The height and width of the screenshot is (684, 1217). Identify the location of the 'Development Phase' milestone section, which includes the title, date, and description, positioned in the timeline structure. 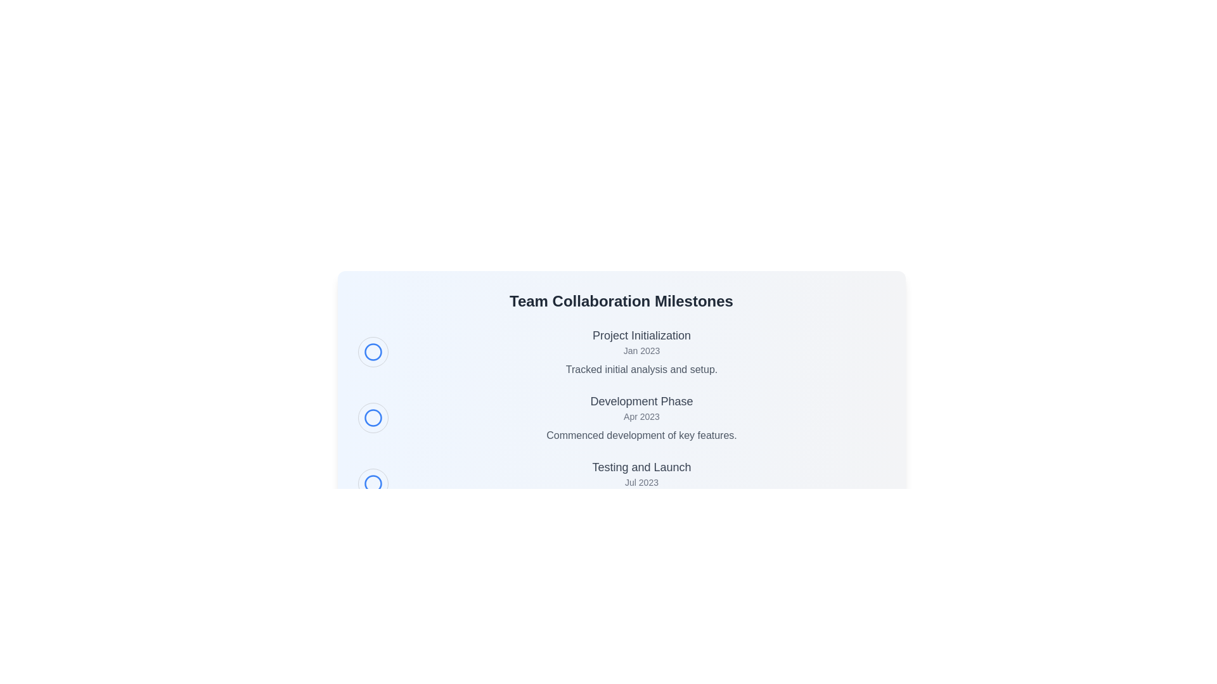
(621, 417).